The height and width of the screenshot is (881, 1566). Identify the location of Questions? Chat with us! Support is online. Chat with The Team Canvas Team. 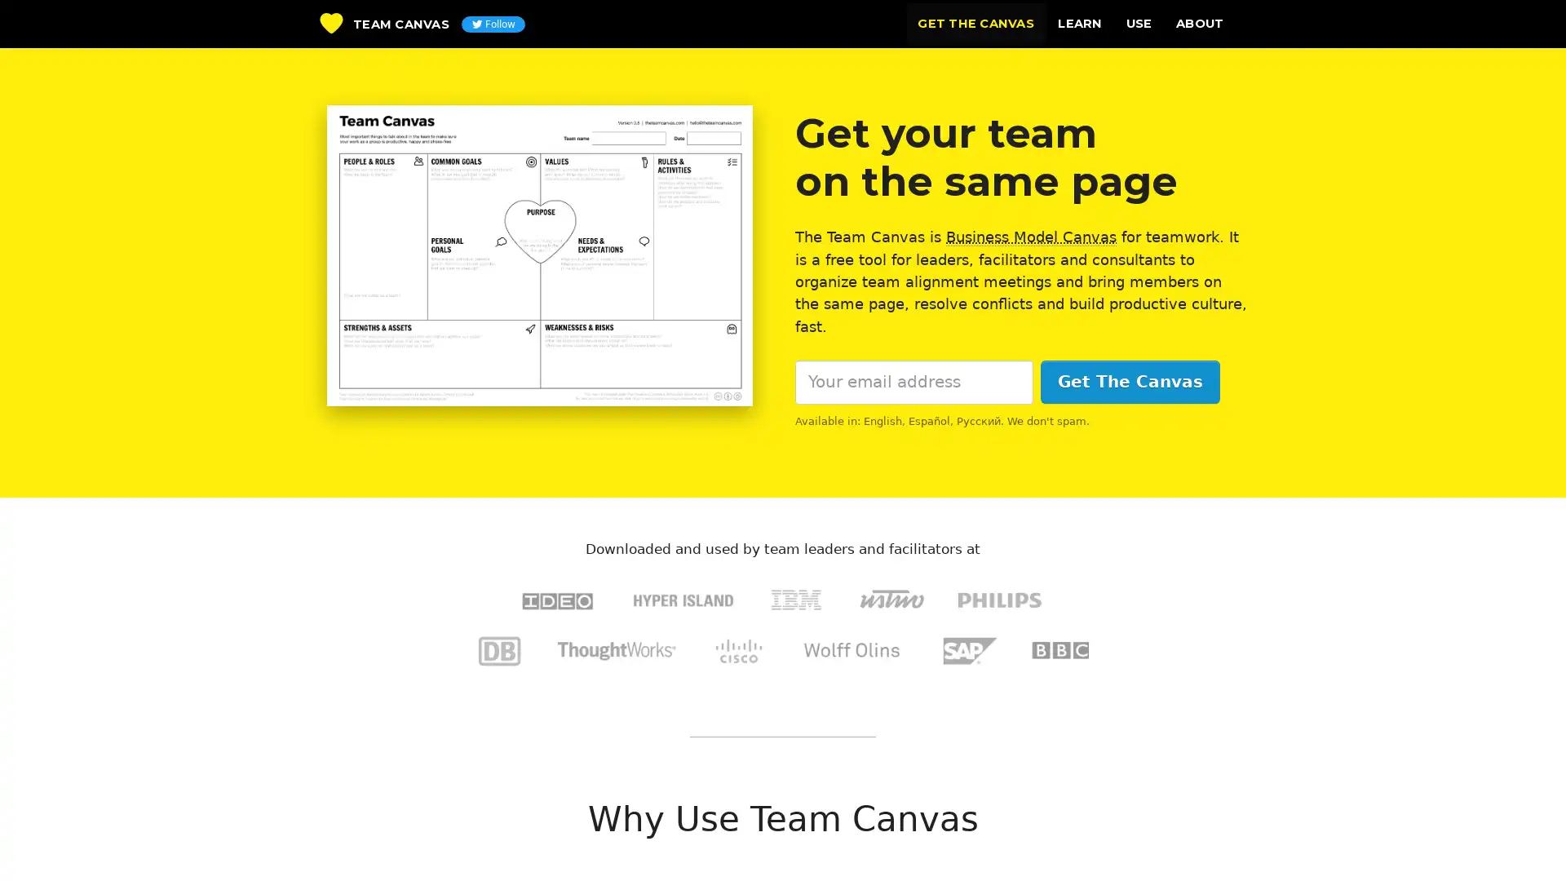
(1521, 839).